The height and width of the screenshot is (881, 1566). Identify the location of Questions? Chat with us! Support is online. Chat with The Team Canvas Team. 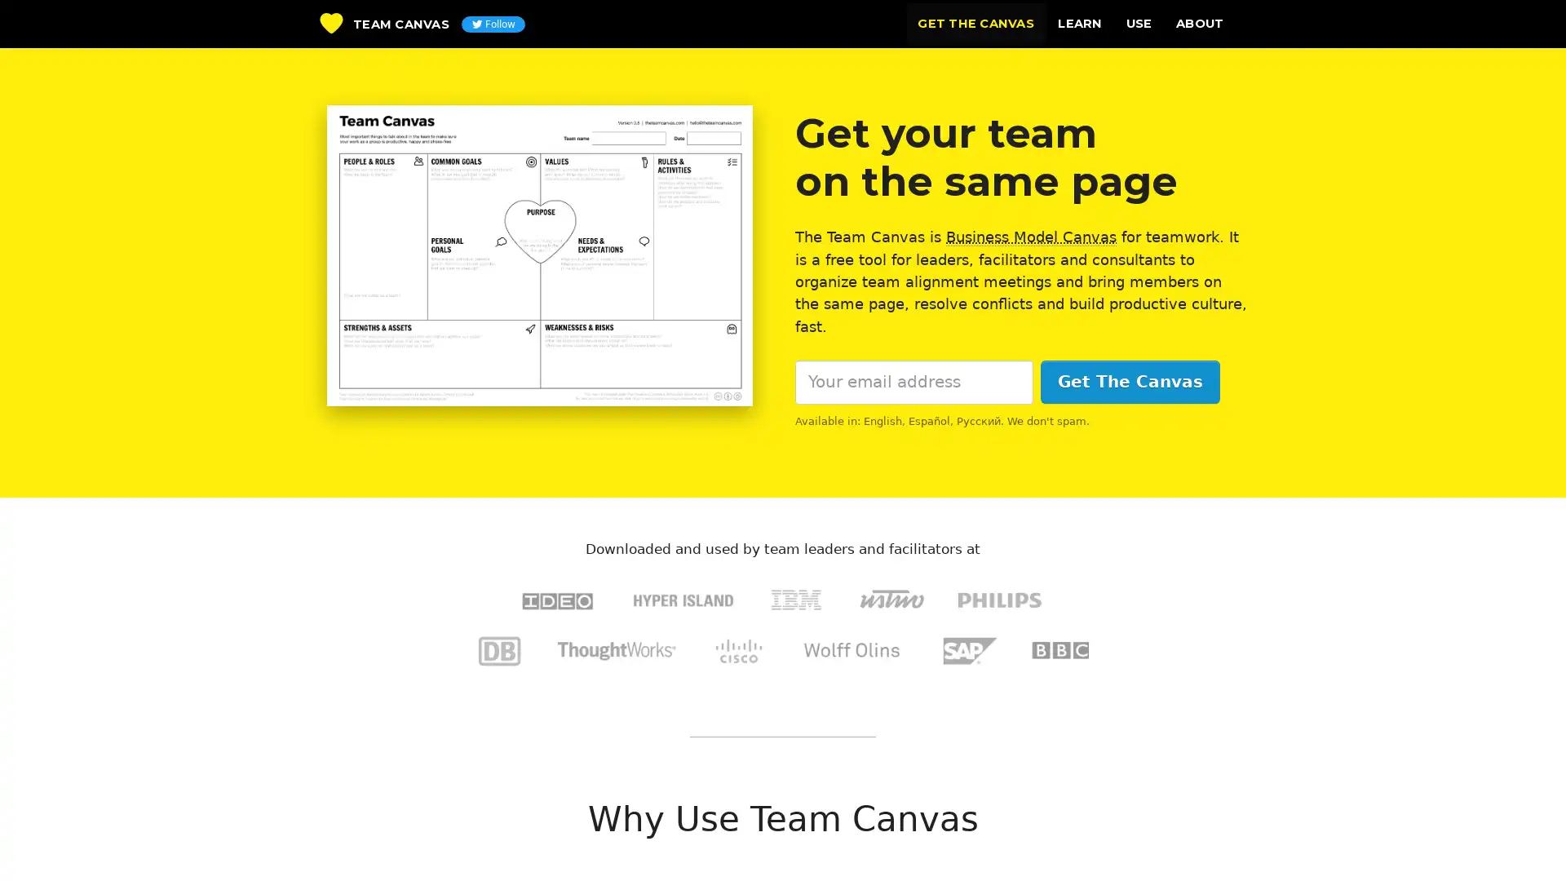
(1521, 839).